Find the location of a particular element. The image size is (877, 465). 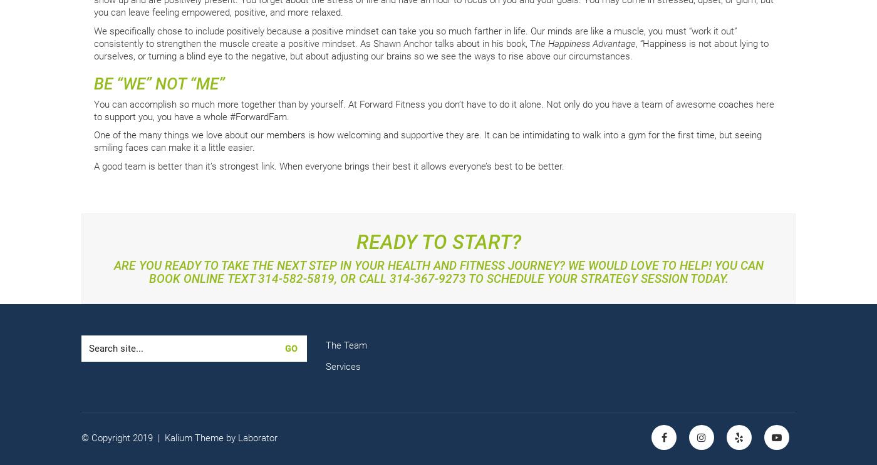

'A good team is better than it’s strongest link. When everyone brings their best it allows everyone’s best to be better.' is located at coordinates (329, 165).